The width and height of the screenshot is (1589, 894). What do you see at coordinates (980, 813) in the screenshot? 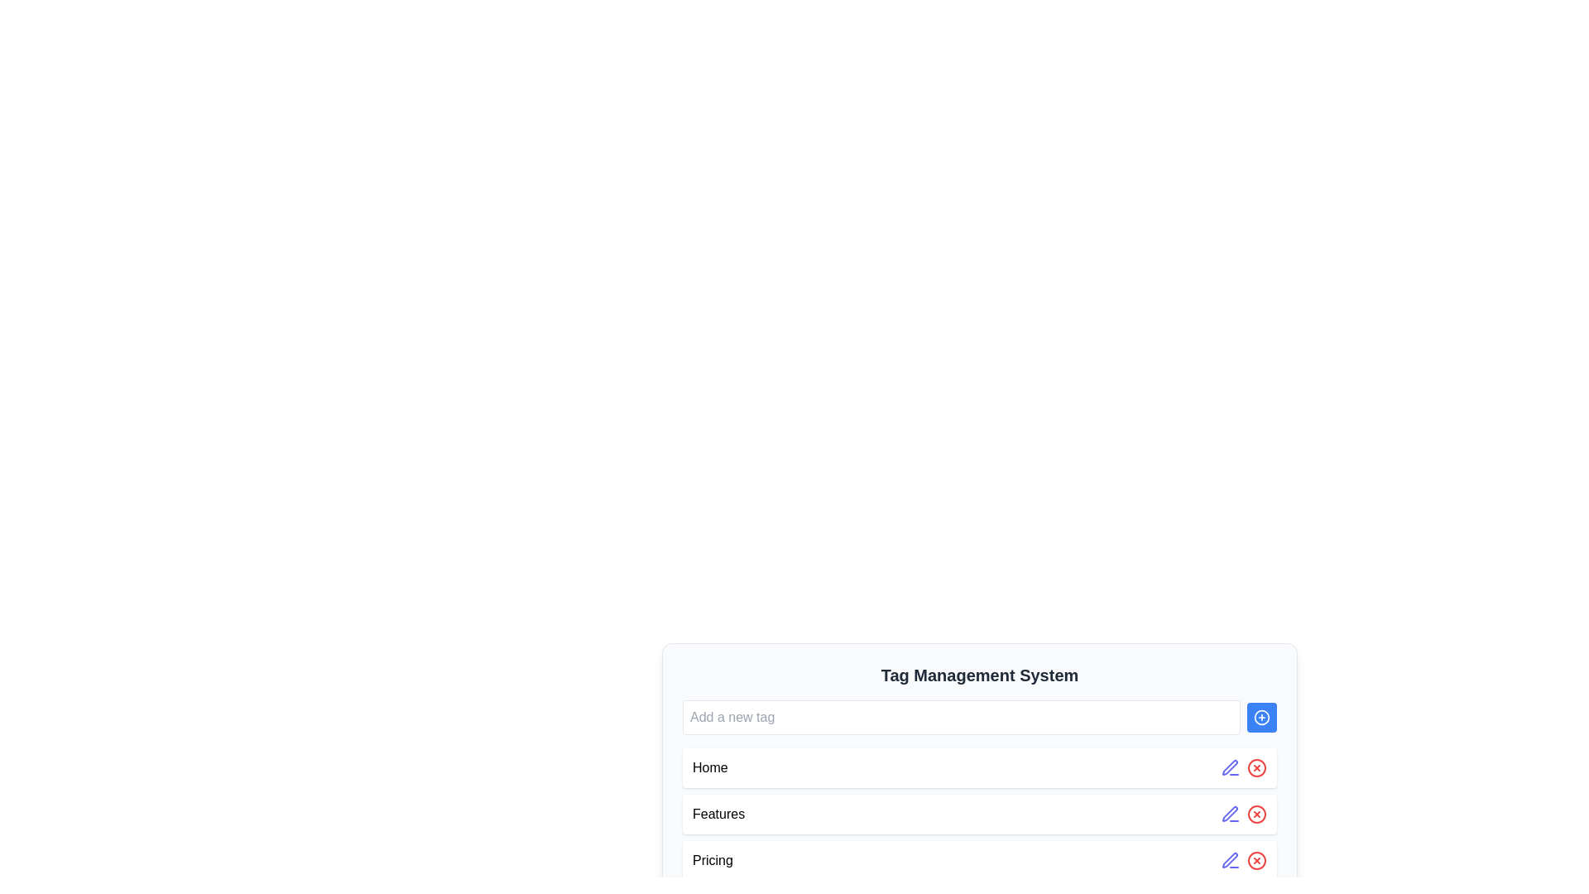
I see `the 'Features' list item` at bounding box center [980, 813].